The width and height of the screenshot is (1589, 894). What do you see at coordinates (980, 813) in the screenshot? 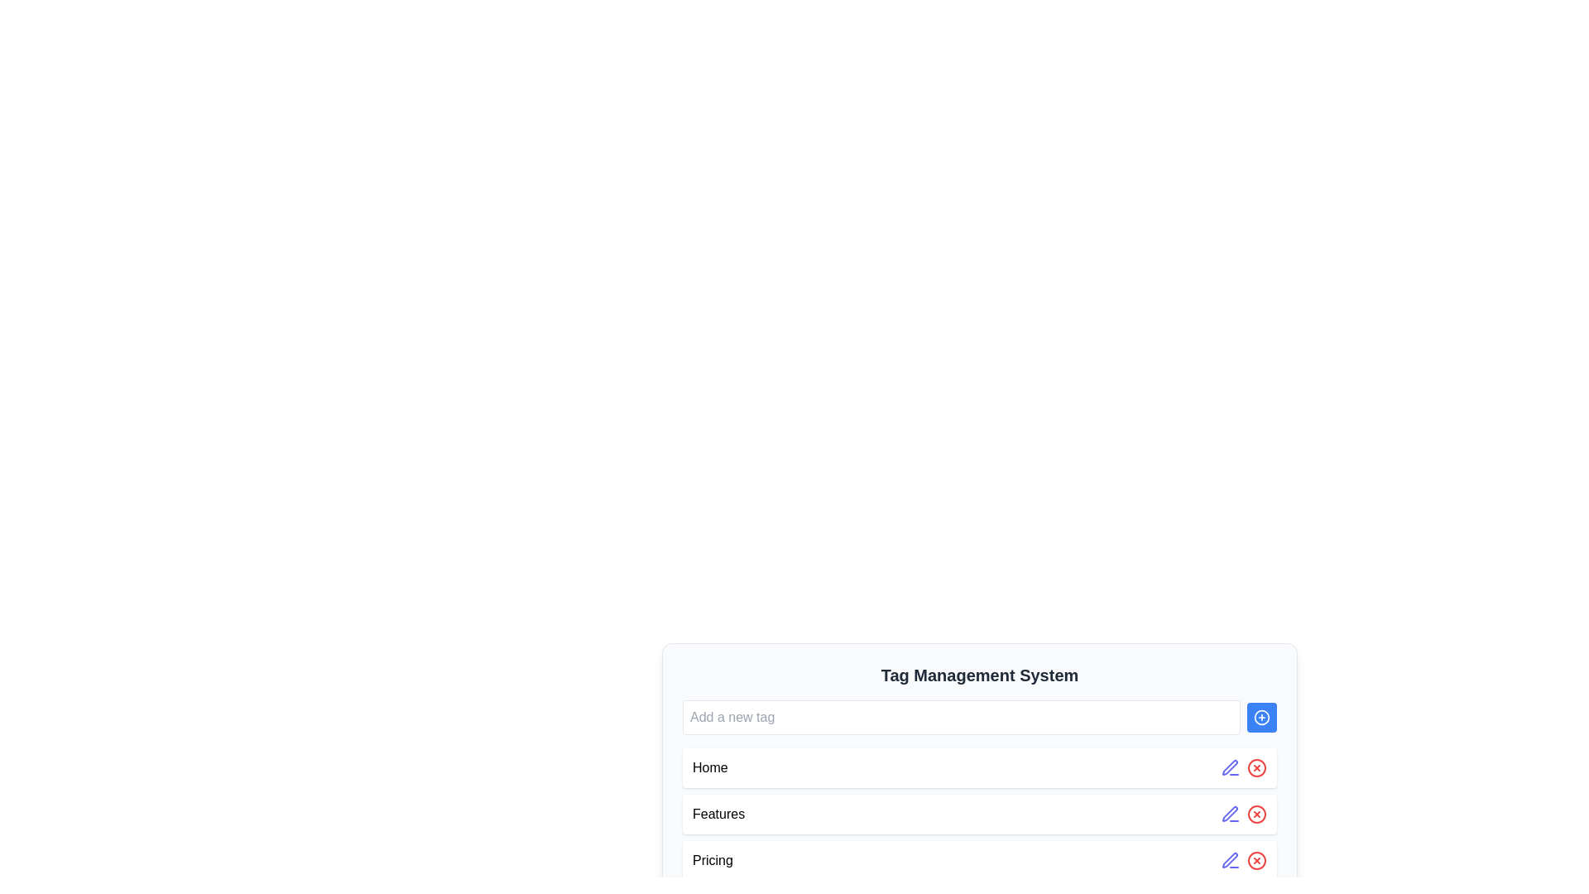
I see `the 'Features' list item` at bounding box center [980, 813].